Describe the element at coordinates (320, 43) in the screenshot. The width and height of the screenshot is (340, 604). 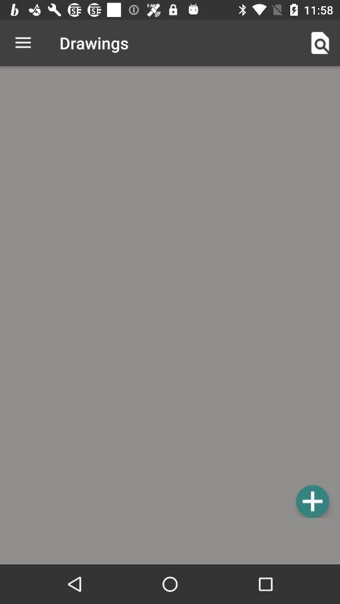
I see `item to the right of the drawings icon` at that location.